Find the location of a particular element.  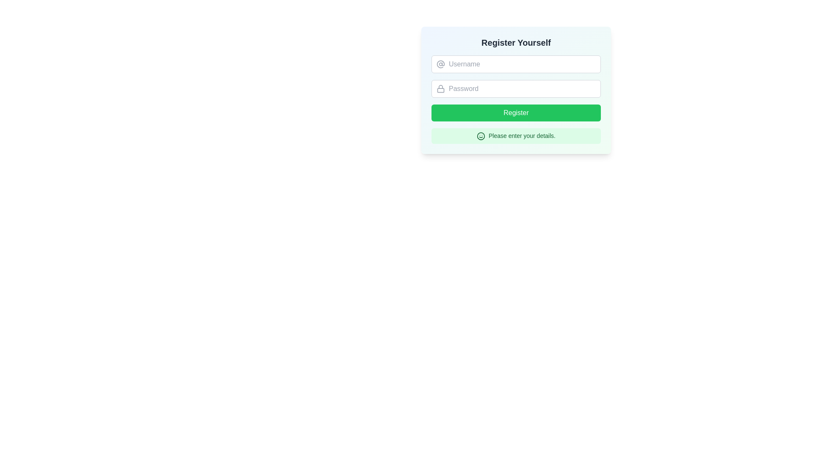

the static text label displaying 'Register Yourself' is located at coordinates (516, 42).